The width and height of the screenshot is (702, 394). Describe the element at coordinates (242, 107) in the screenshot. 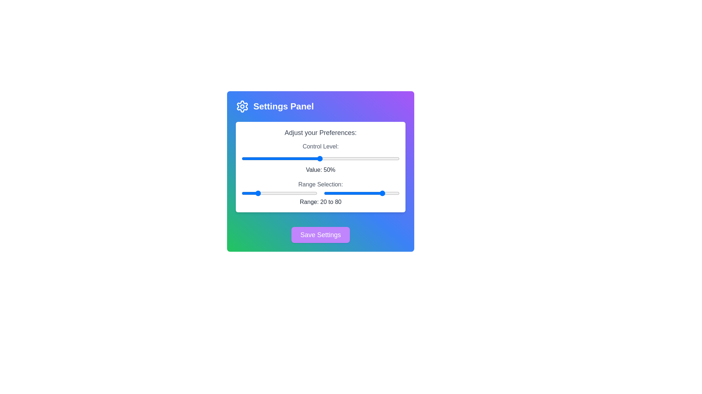

I see `the circular icon component located at the center of the gear icon in the settings panel` at that location.